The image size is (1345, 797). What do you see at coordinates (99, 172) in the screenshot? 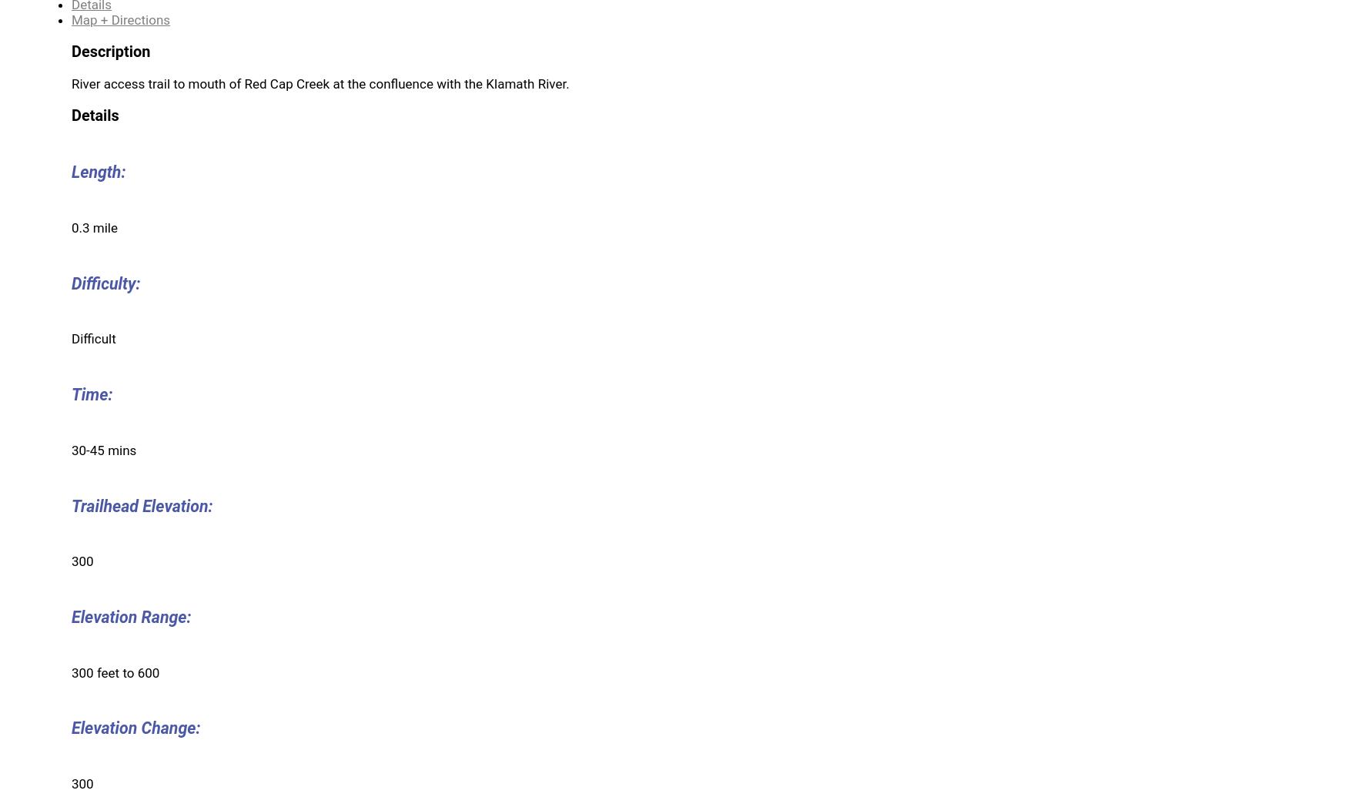
I see `'Length:'` at bounding box center [99, 172].